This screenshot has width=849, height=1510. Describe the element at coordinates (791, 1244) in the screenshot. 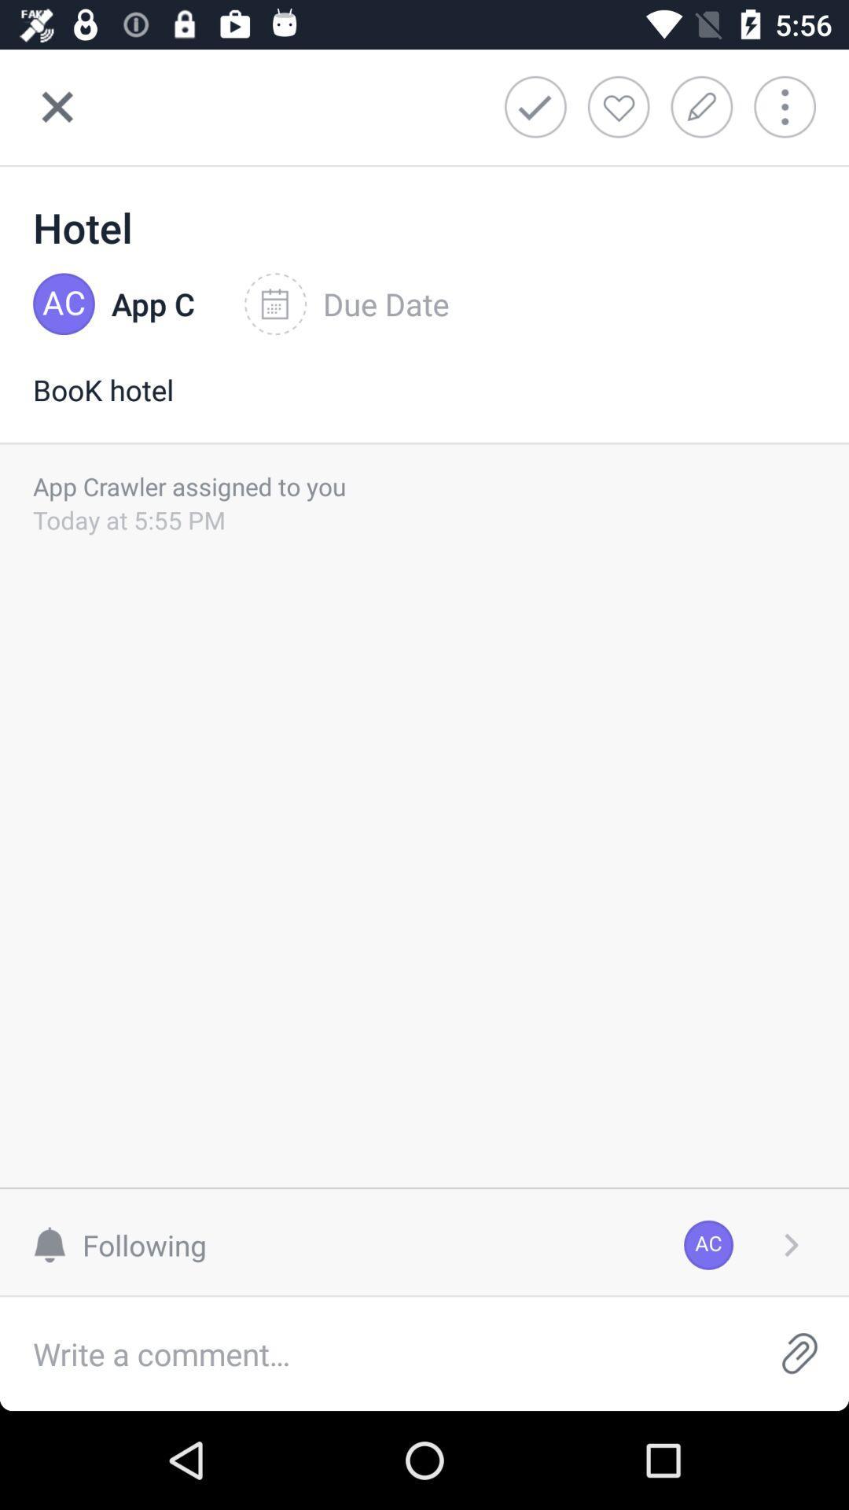

I see `next page` at that location.